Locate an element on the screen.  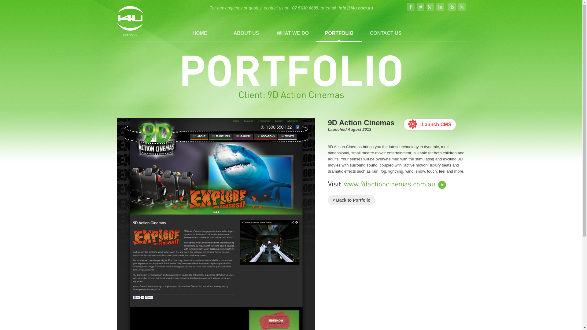
'Find us on Facebook' is located at coordinates (411, 7).